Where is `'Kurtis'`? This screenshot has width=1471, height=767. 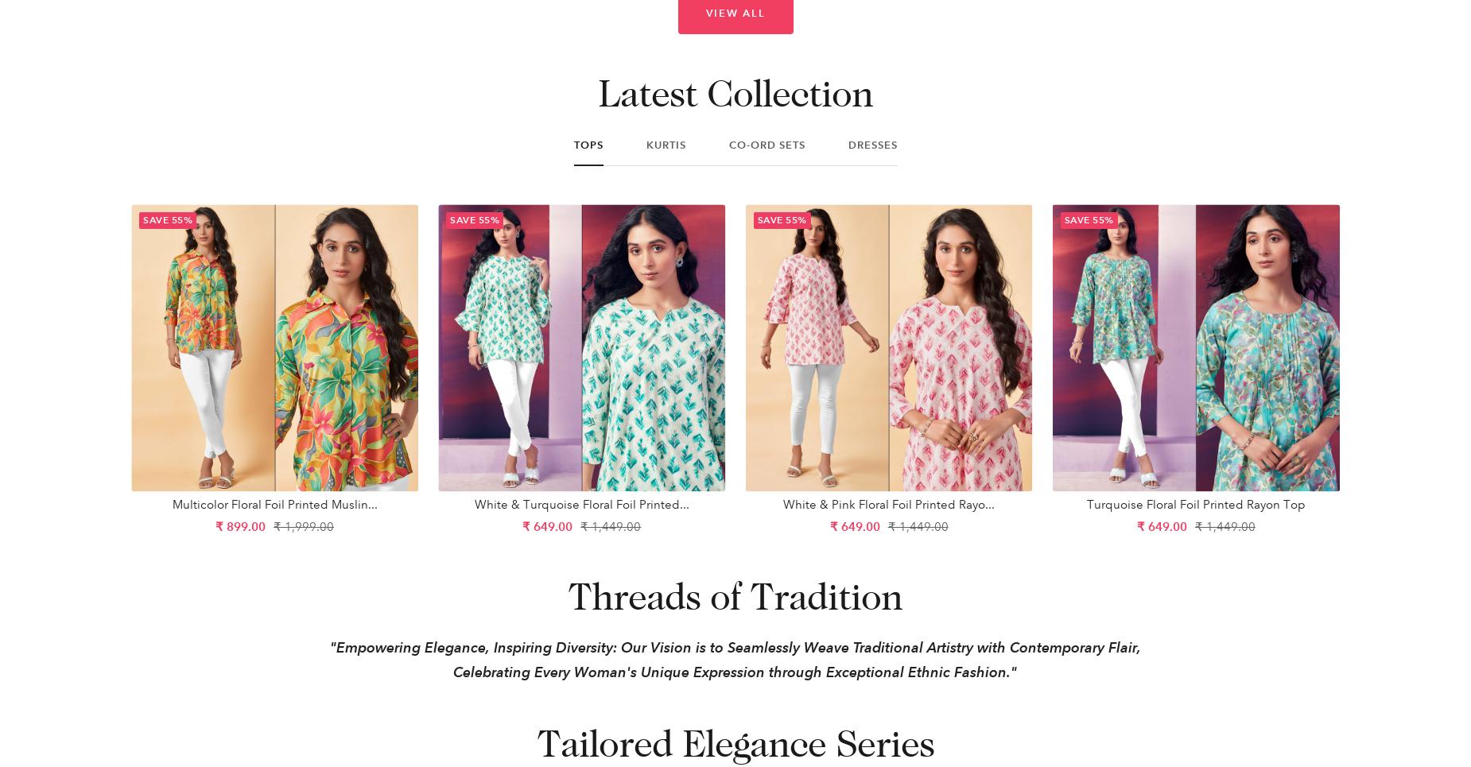
'Kurtis' is located at coordinates (665, 144).